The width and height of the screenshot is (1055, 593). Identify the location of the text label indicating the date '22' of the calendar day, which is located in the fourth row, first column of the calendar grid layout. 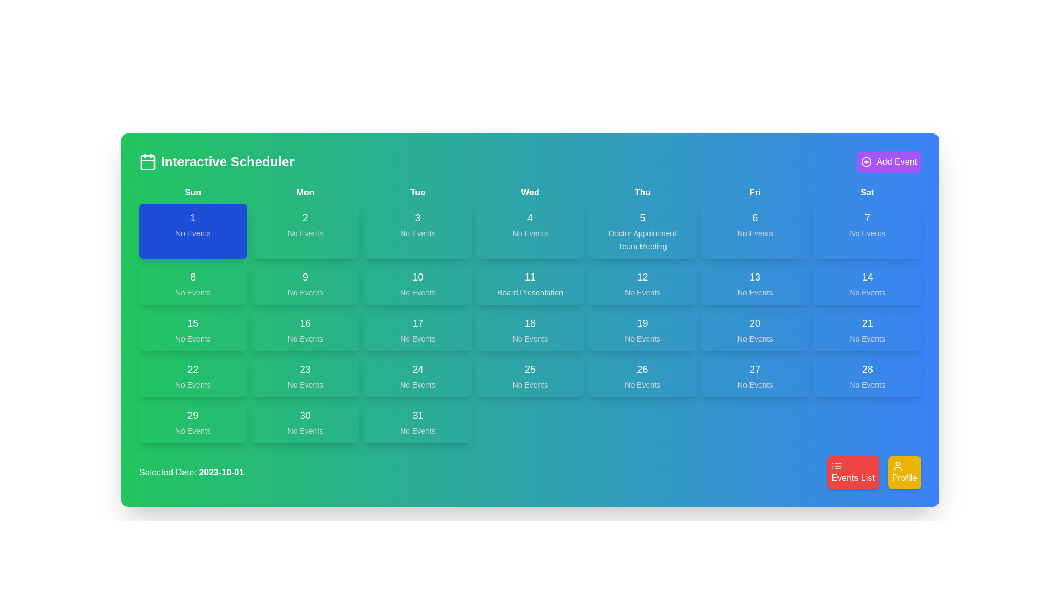
(193, 369).